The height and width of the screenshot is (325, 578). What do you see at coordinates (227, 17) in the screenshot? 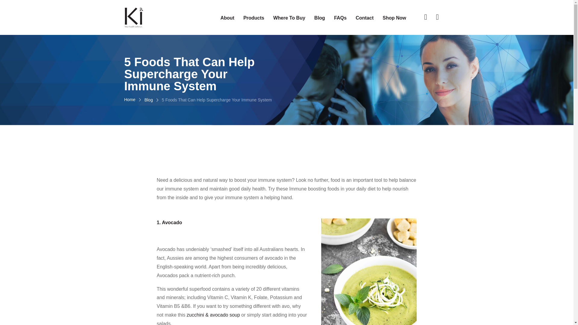
I see `'About'` at bounding box center [227, 17].